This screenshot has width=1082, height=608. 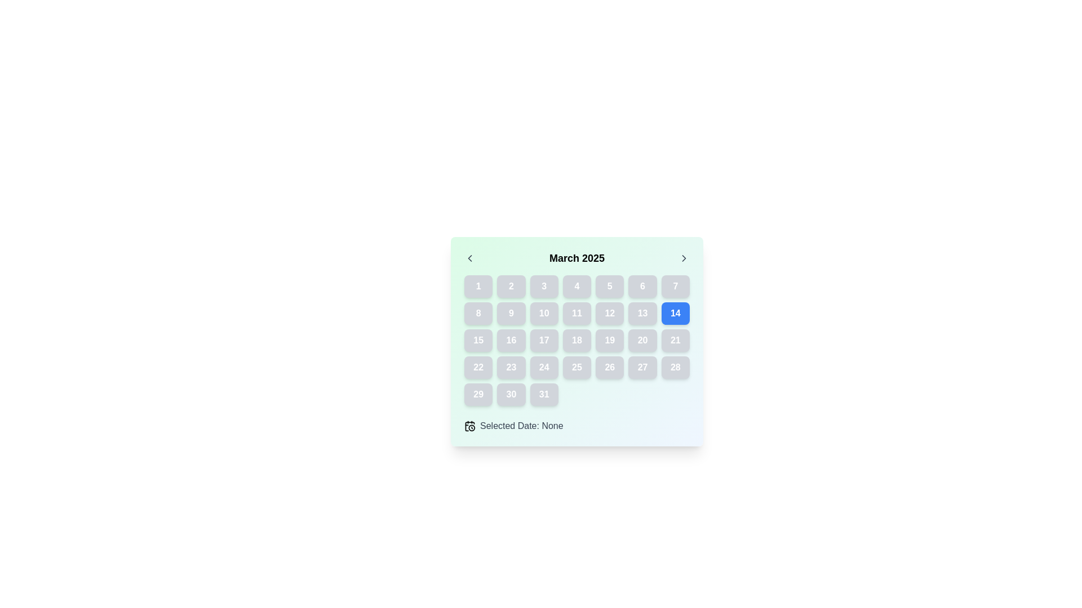 I want to click on the left-pointing chevron button located in the upper-left section of the calendar interface, so click(x=470, y=258).